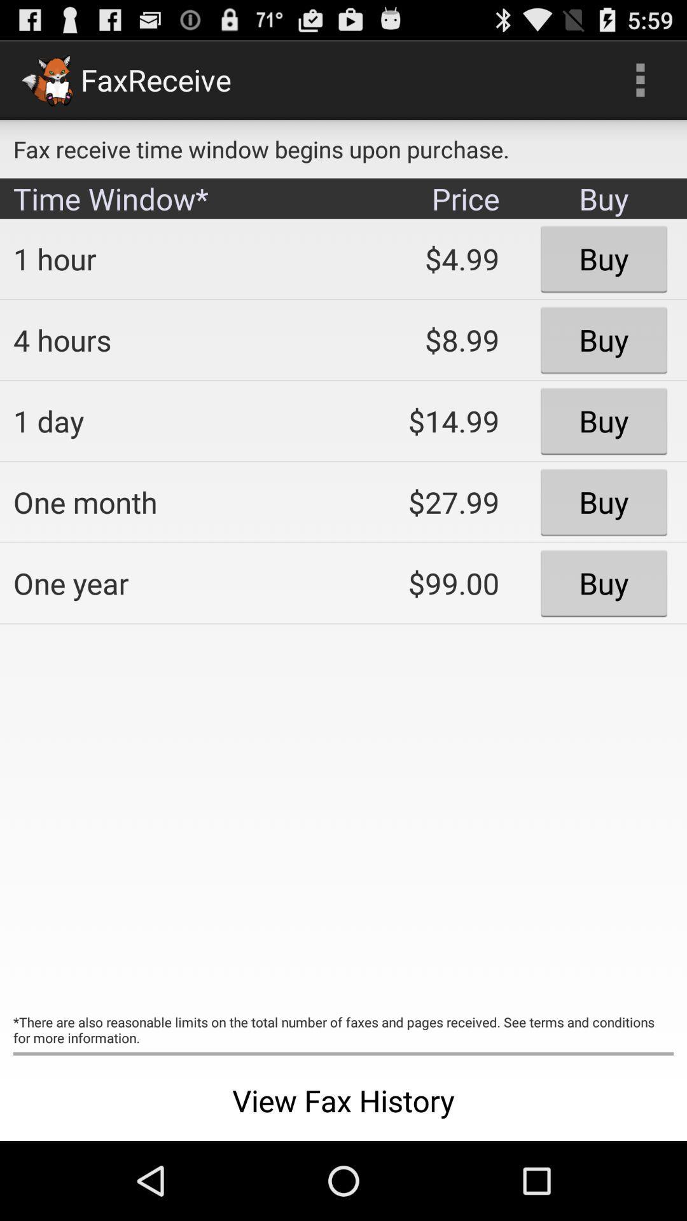  Describe the element at coordinates (169, 501) in the screenshot. I see `the item next to the $14.99` at that location.